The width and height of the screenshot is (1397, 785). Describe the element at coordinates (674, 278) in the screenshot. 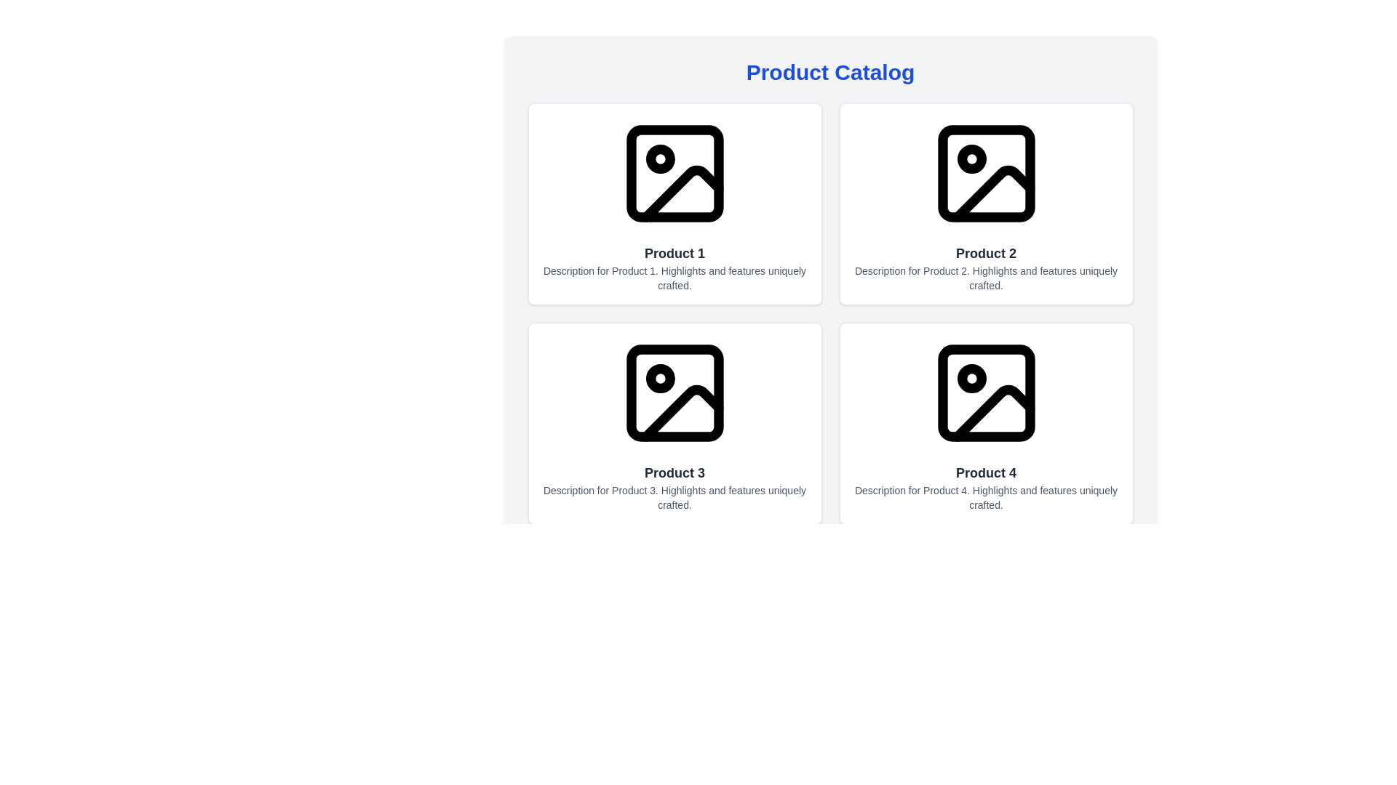

I see `the text label providing a brief description of 'Product 1'` at that location.